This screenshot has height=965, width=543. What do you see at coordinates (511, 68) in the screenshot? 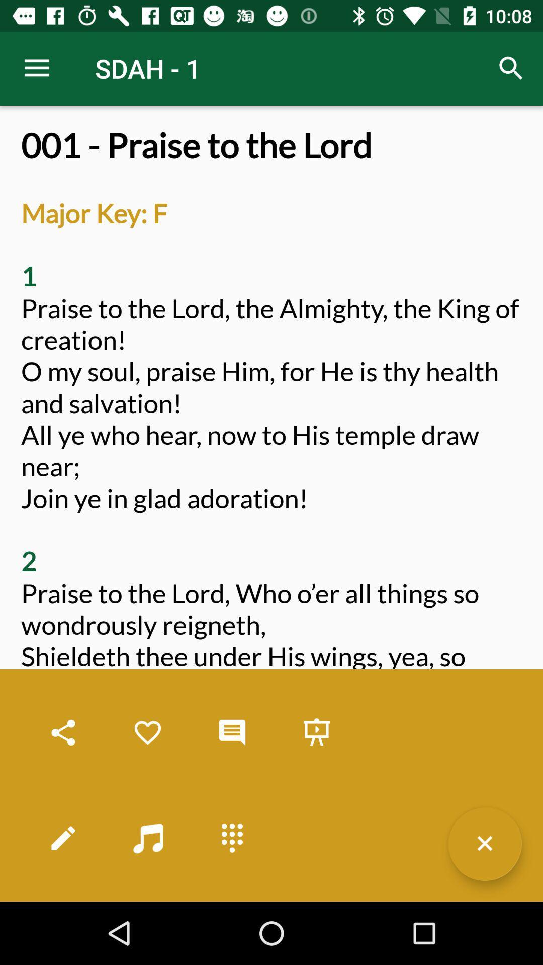
I see `item next to sdah - 1` at bounding box center [511, 68].